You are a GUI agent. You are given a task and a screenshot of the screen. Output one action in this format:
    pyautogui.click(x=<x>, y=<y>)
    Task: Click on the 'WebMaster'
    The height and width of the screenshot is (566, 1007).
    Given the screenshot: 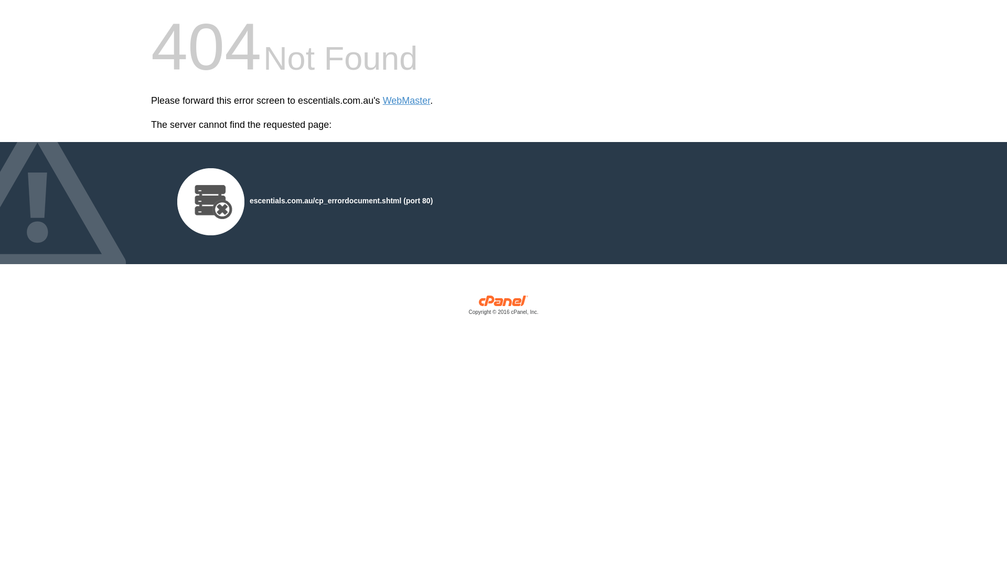 What is the action you would take?
    pyautogui.click(x=406, y=101)
    